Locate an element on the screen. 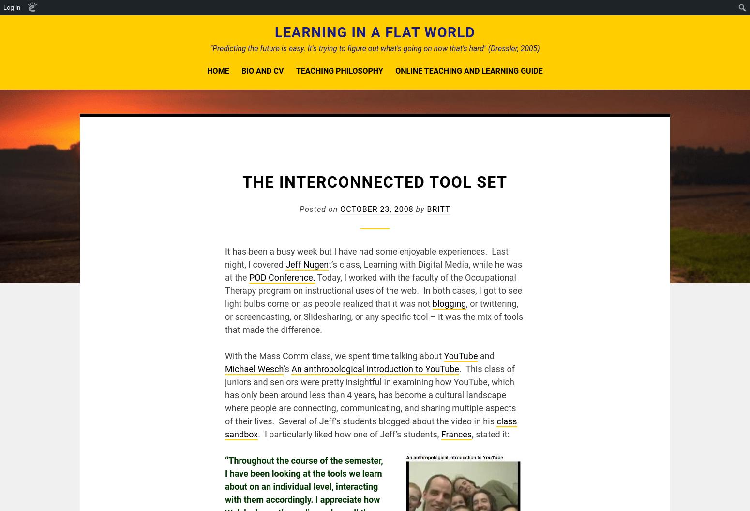  '.  I particularly liked how one of Jeff’s students,' is located at coordinates (349, 434).